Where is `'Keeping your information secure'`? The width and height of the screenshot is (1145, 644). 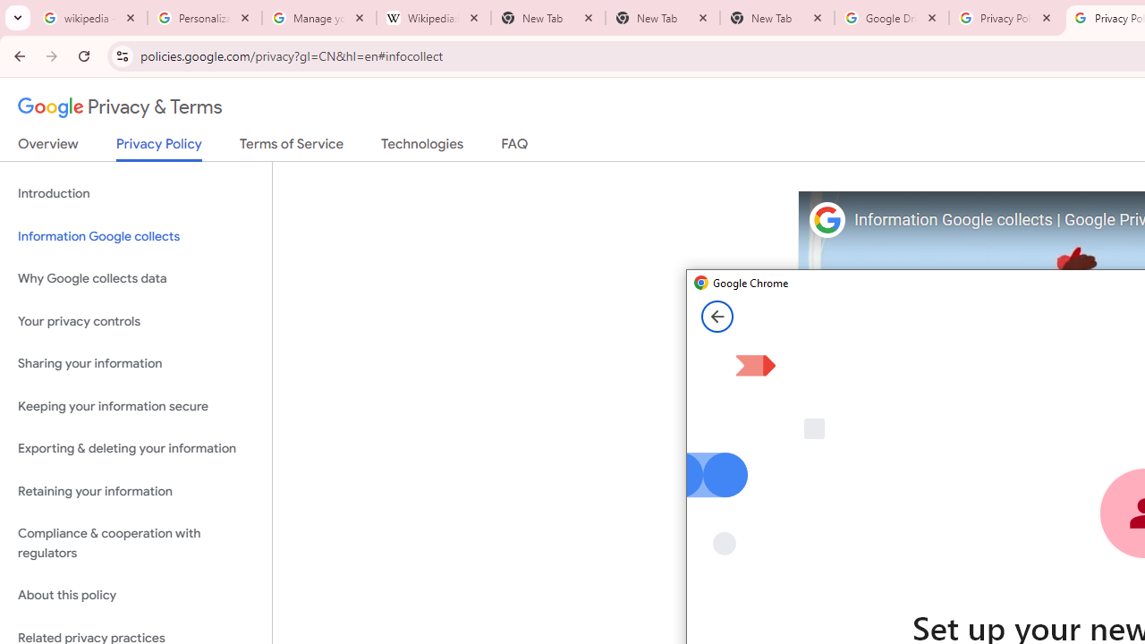
'Keeping your information secure' is located at coordinates (135, 406).